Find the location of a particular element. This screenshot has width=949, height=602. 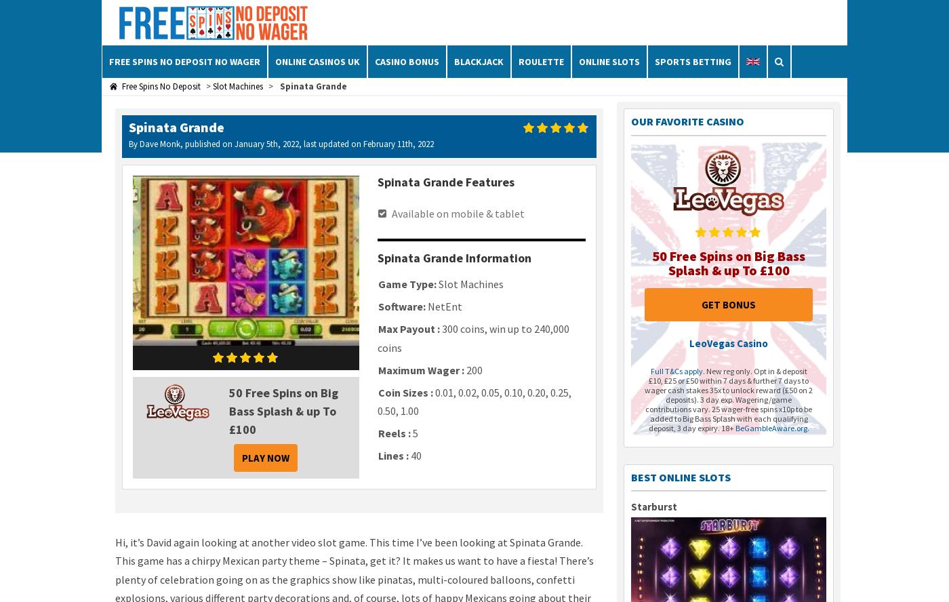

'NetEnt' is located at coordinates (445, 306).